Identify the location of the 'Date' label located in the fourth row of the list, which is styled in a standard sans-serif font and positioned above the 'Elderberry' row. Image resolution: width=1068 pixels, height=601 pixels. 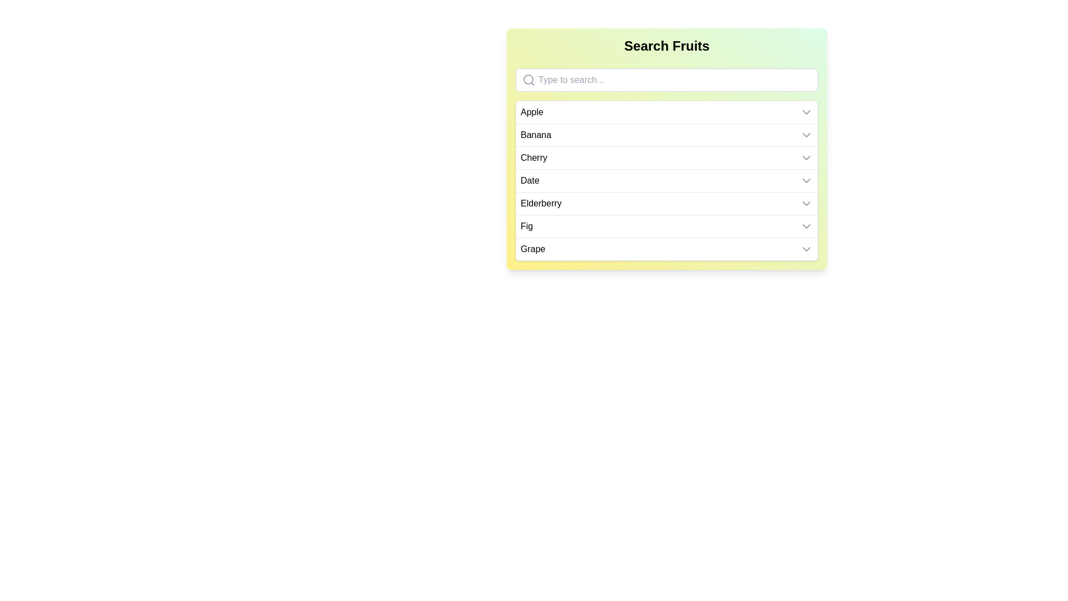
(529, 180).